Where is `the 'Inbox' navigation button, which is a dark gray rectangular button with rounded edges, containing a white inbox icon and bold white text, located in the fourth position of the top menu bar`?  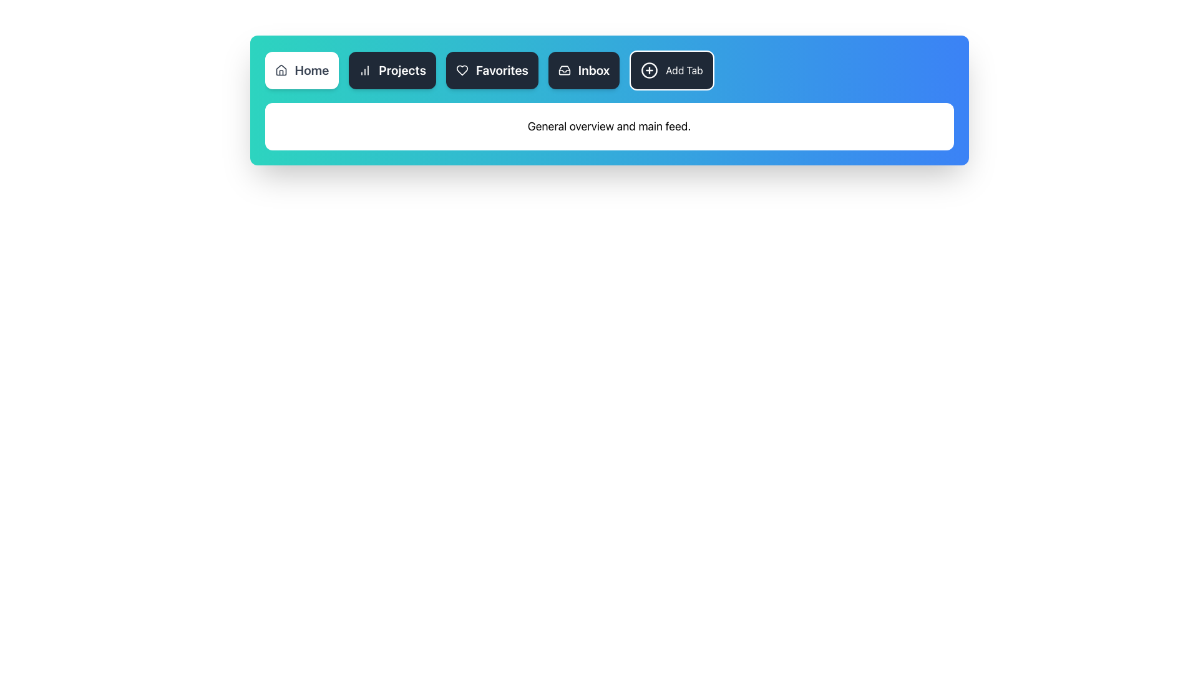
the 'Inbox' navigation button, which is a dark gray rectangular button with rounded edges, containing a white inbox icon and bold white text, located in the fourth position of the top menu bar is located at coordinates (583, 70).